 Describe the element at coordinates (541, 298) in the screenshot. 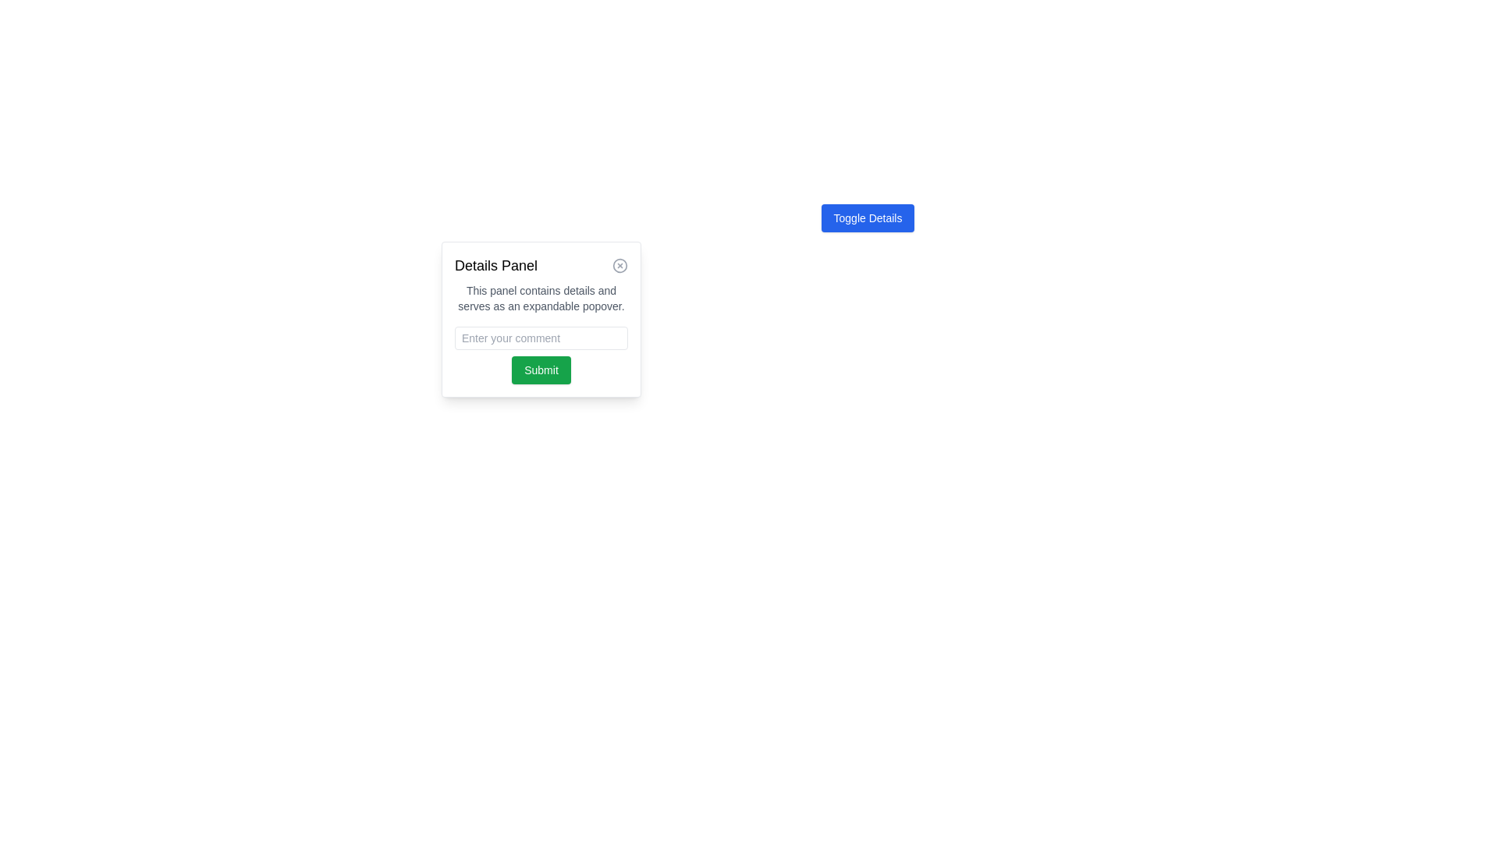

I see `the descriptive text label located in the middle section of the white modal dialog, directly below the title 'Details Panel.'` at that location.